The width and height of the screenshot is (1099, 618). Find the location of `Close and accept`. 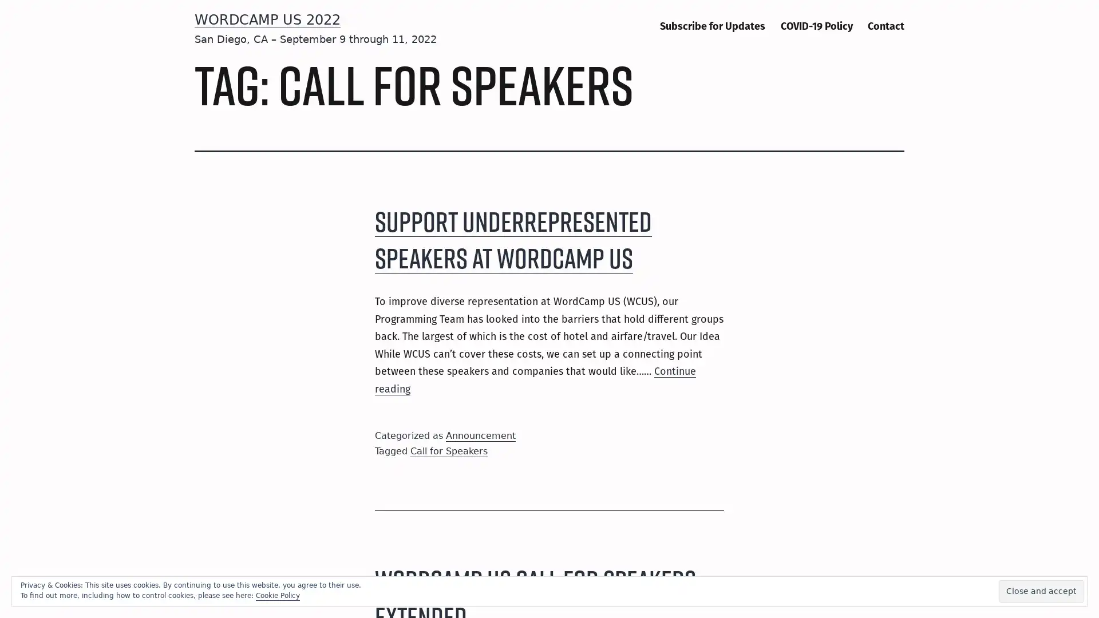

Close and accept is located at coordinates (1041, 591).